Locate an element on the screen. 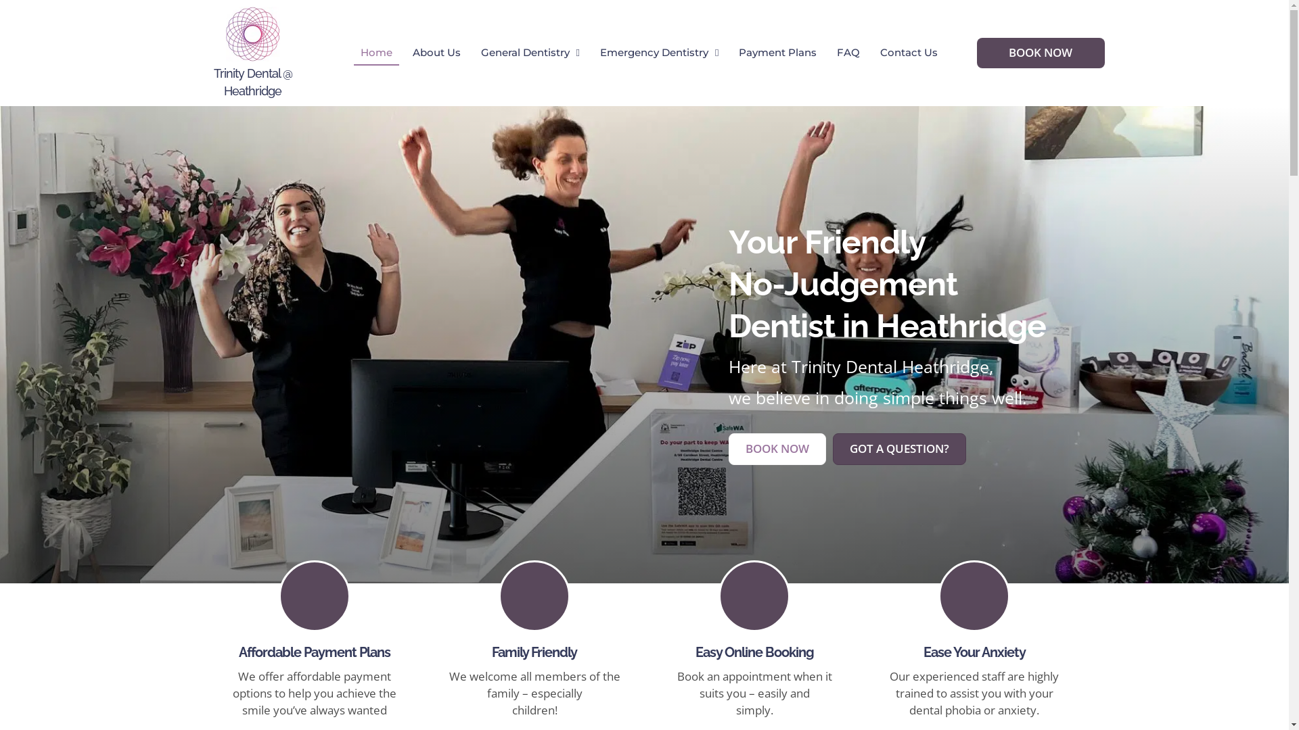 This screenshot has height=730, width=1299. 'BOOK NOW' is located at coordinates (727, 448).